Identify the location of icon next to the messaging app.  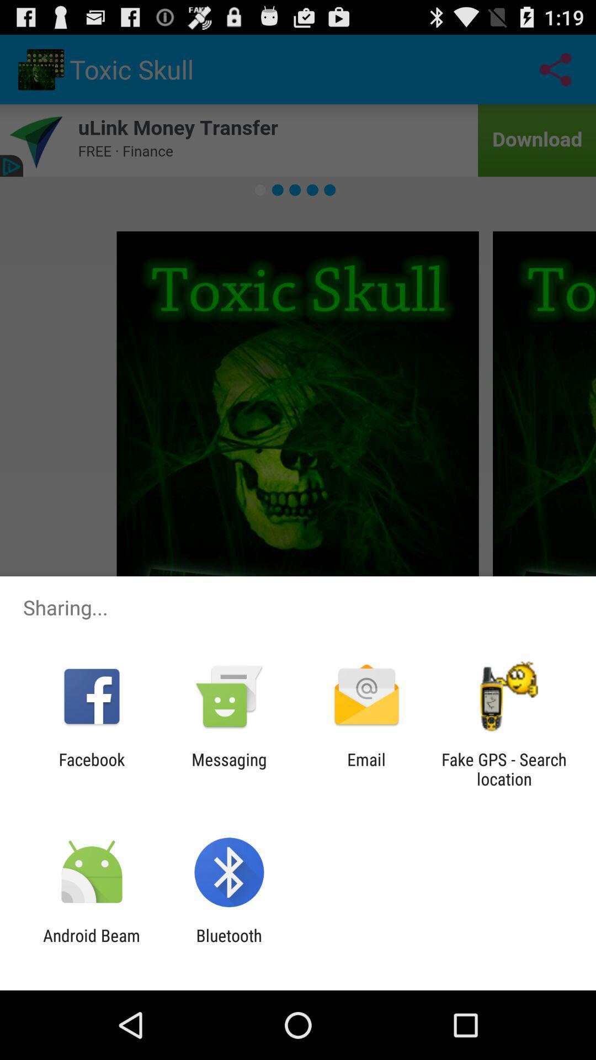
(366, 768).